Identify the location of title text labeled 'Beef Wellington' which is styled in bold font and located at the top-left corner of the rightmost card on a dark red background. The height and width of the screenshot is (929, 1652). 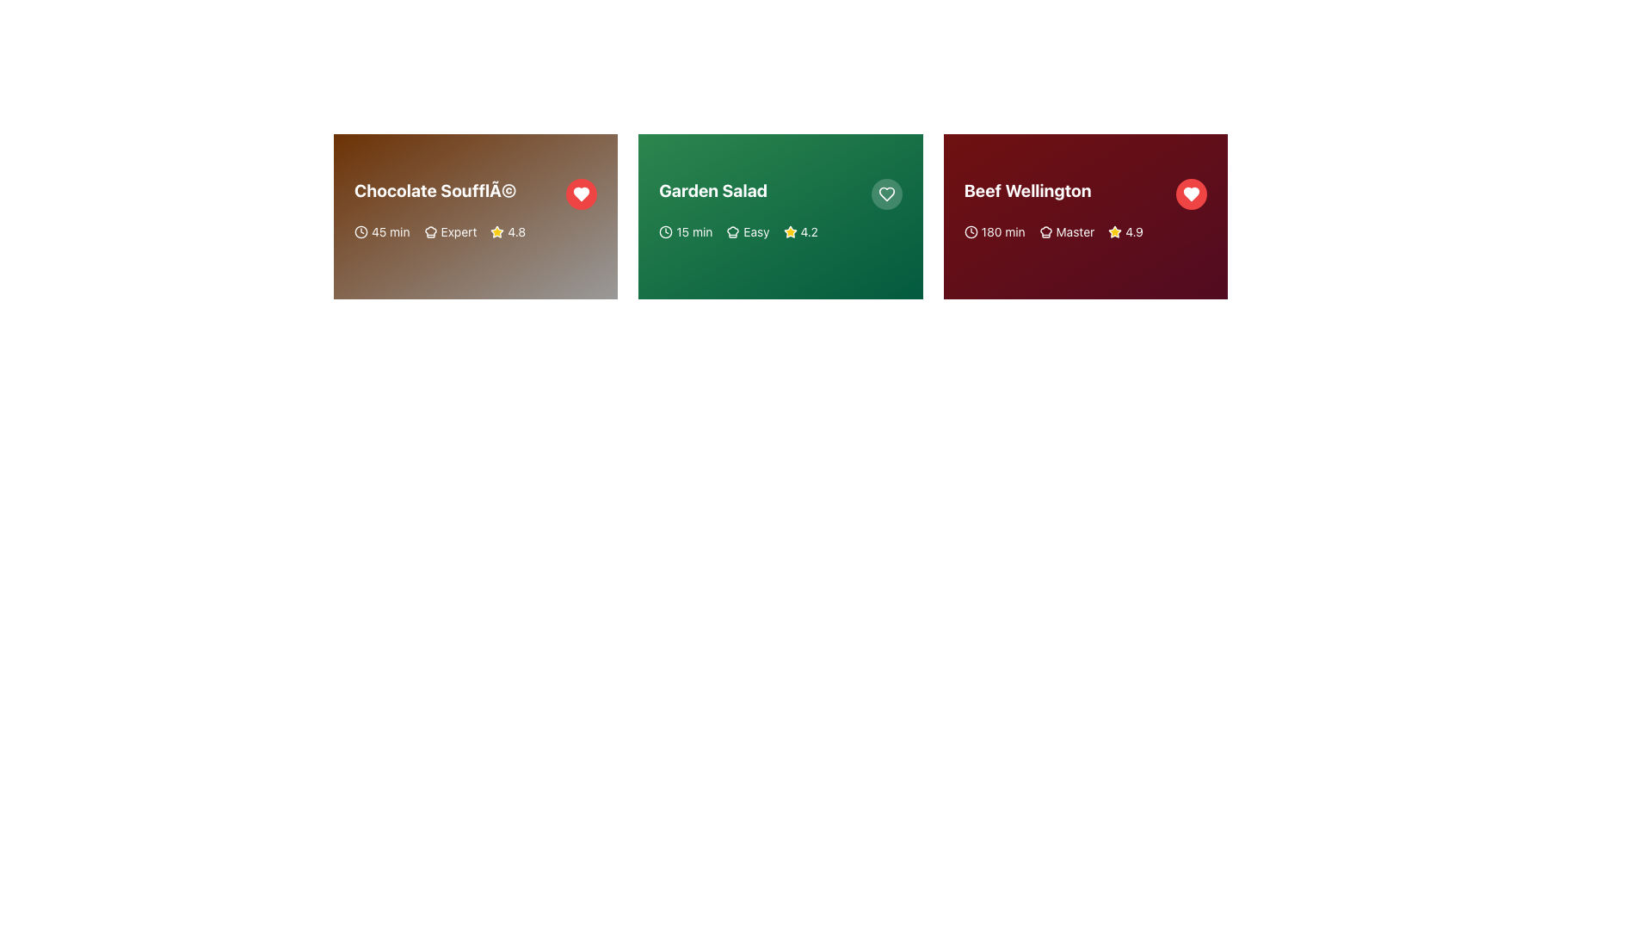
(1027, 191).